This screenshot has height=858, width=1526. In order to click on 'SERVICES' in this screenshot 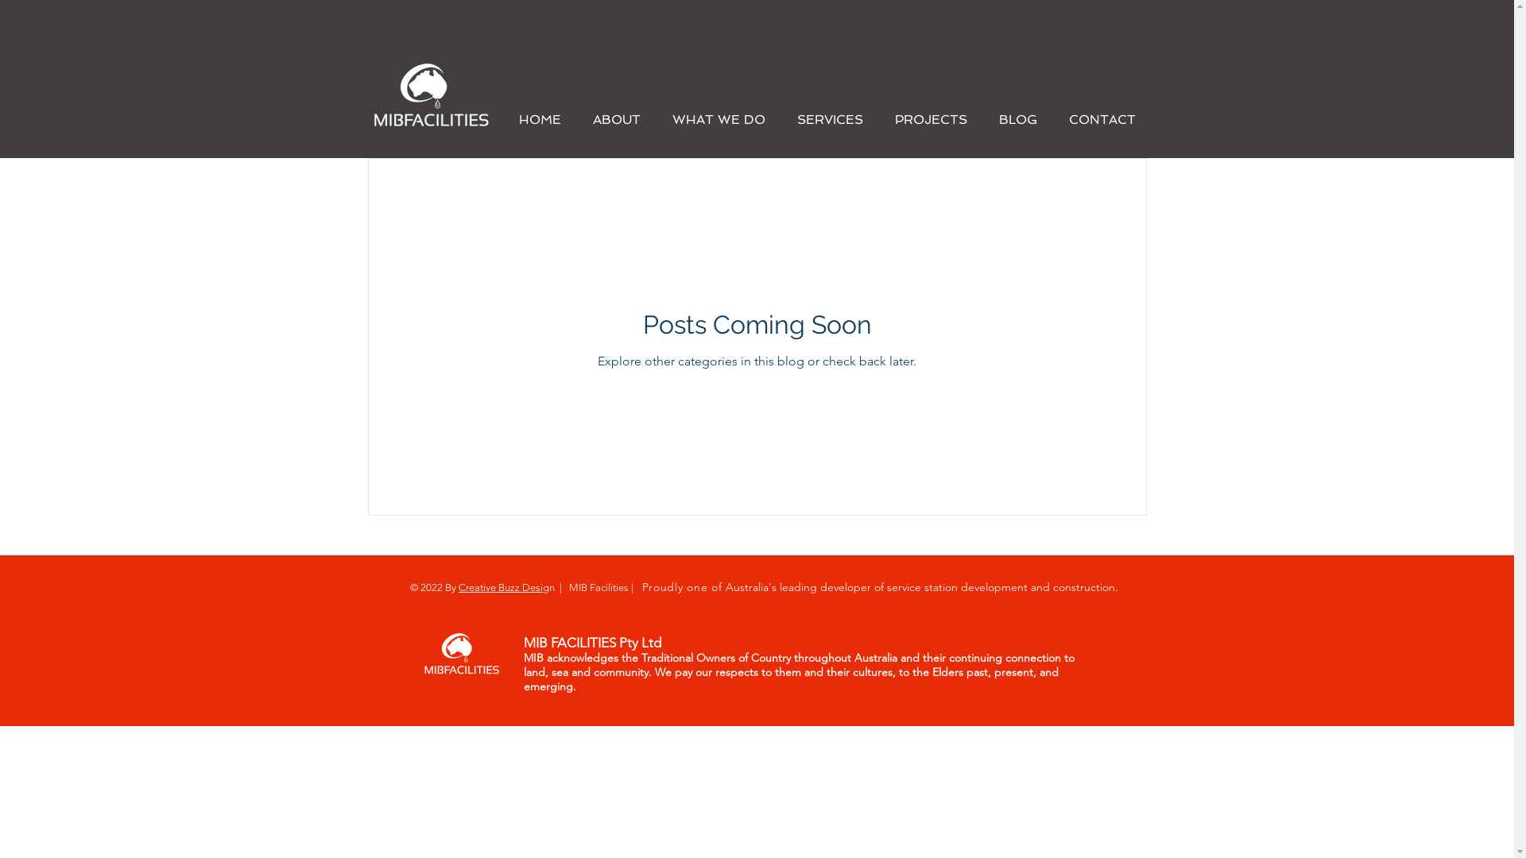, I will do `click(828, 118)`.